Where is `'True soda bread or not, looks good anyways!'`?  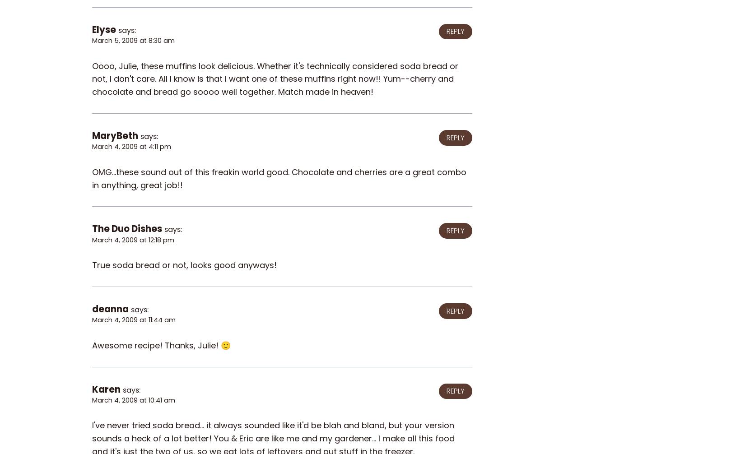 'True soda bread or not, looks good anyways!' is located at coordinates (184, 265).